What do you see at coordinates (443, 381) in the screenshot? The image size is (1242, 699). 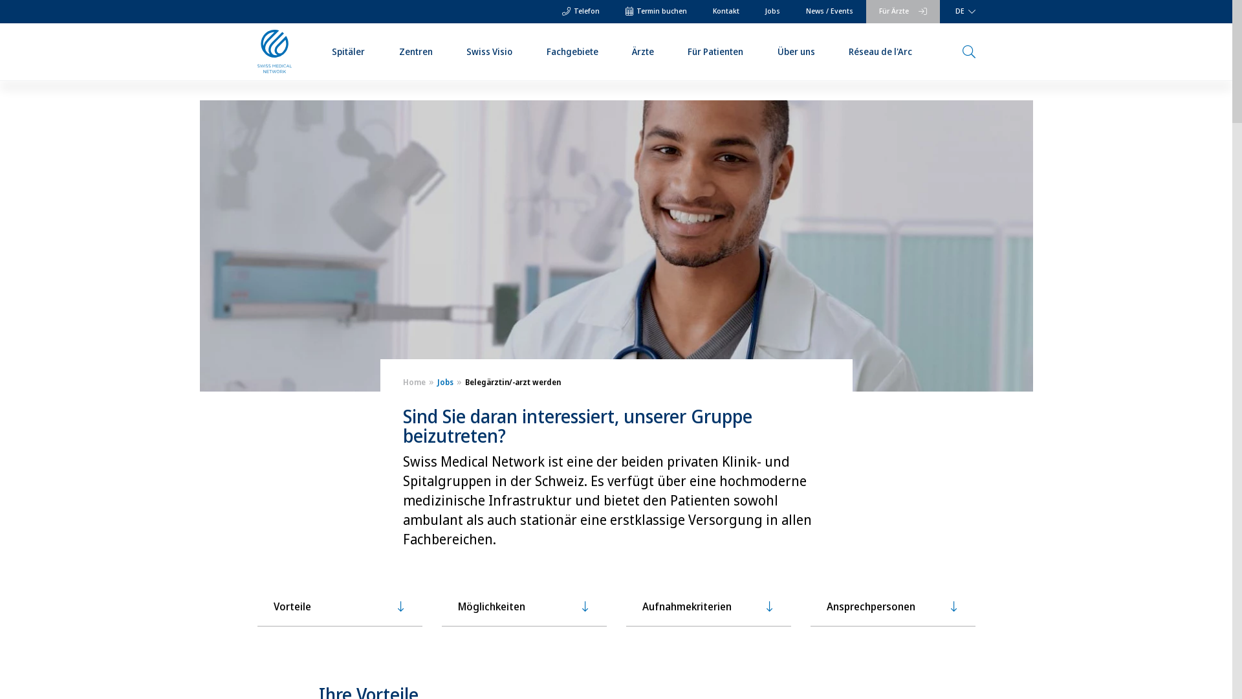 I see `'Jobs'` at bounding box center [443, 381].